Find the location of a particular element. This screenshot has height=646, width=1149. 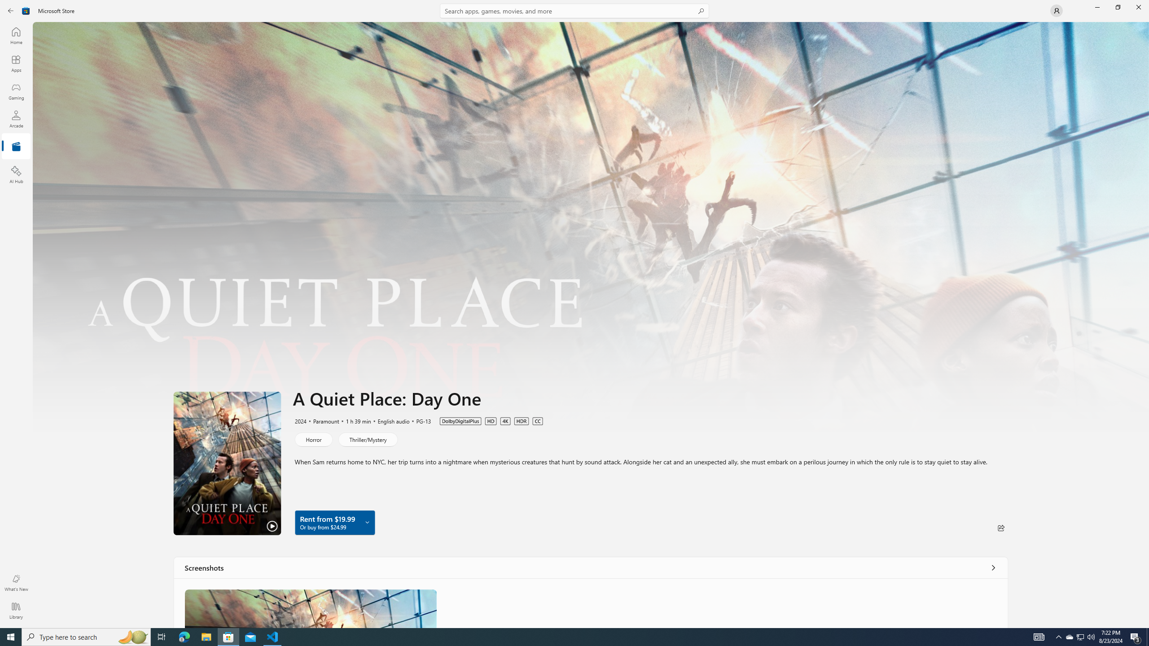

'Library' is located at coordinates (15, 610).